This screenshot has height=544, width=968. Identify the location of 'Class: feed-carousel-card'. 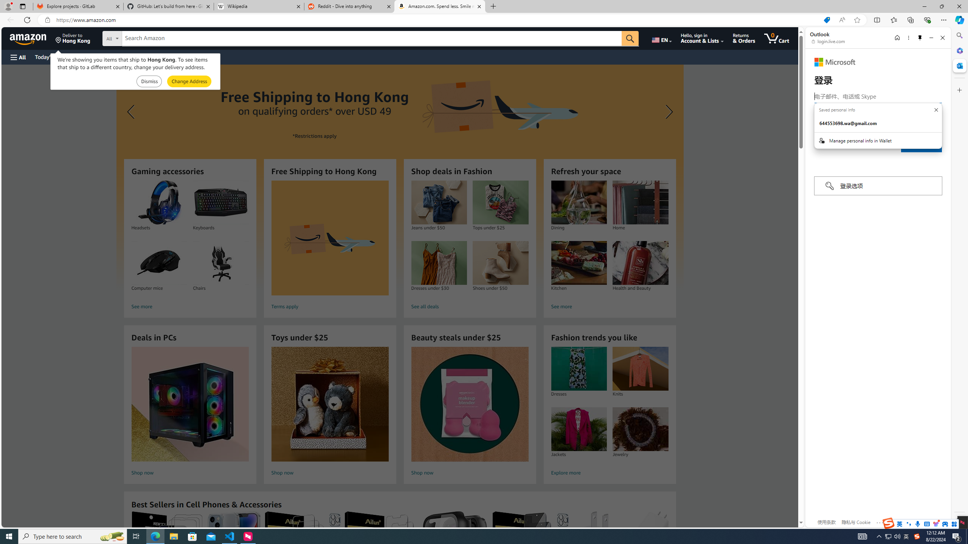
(669, 544).